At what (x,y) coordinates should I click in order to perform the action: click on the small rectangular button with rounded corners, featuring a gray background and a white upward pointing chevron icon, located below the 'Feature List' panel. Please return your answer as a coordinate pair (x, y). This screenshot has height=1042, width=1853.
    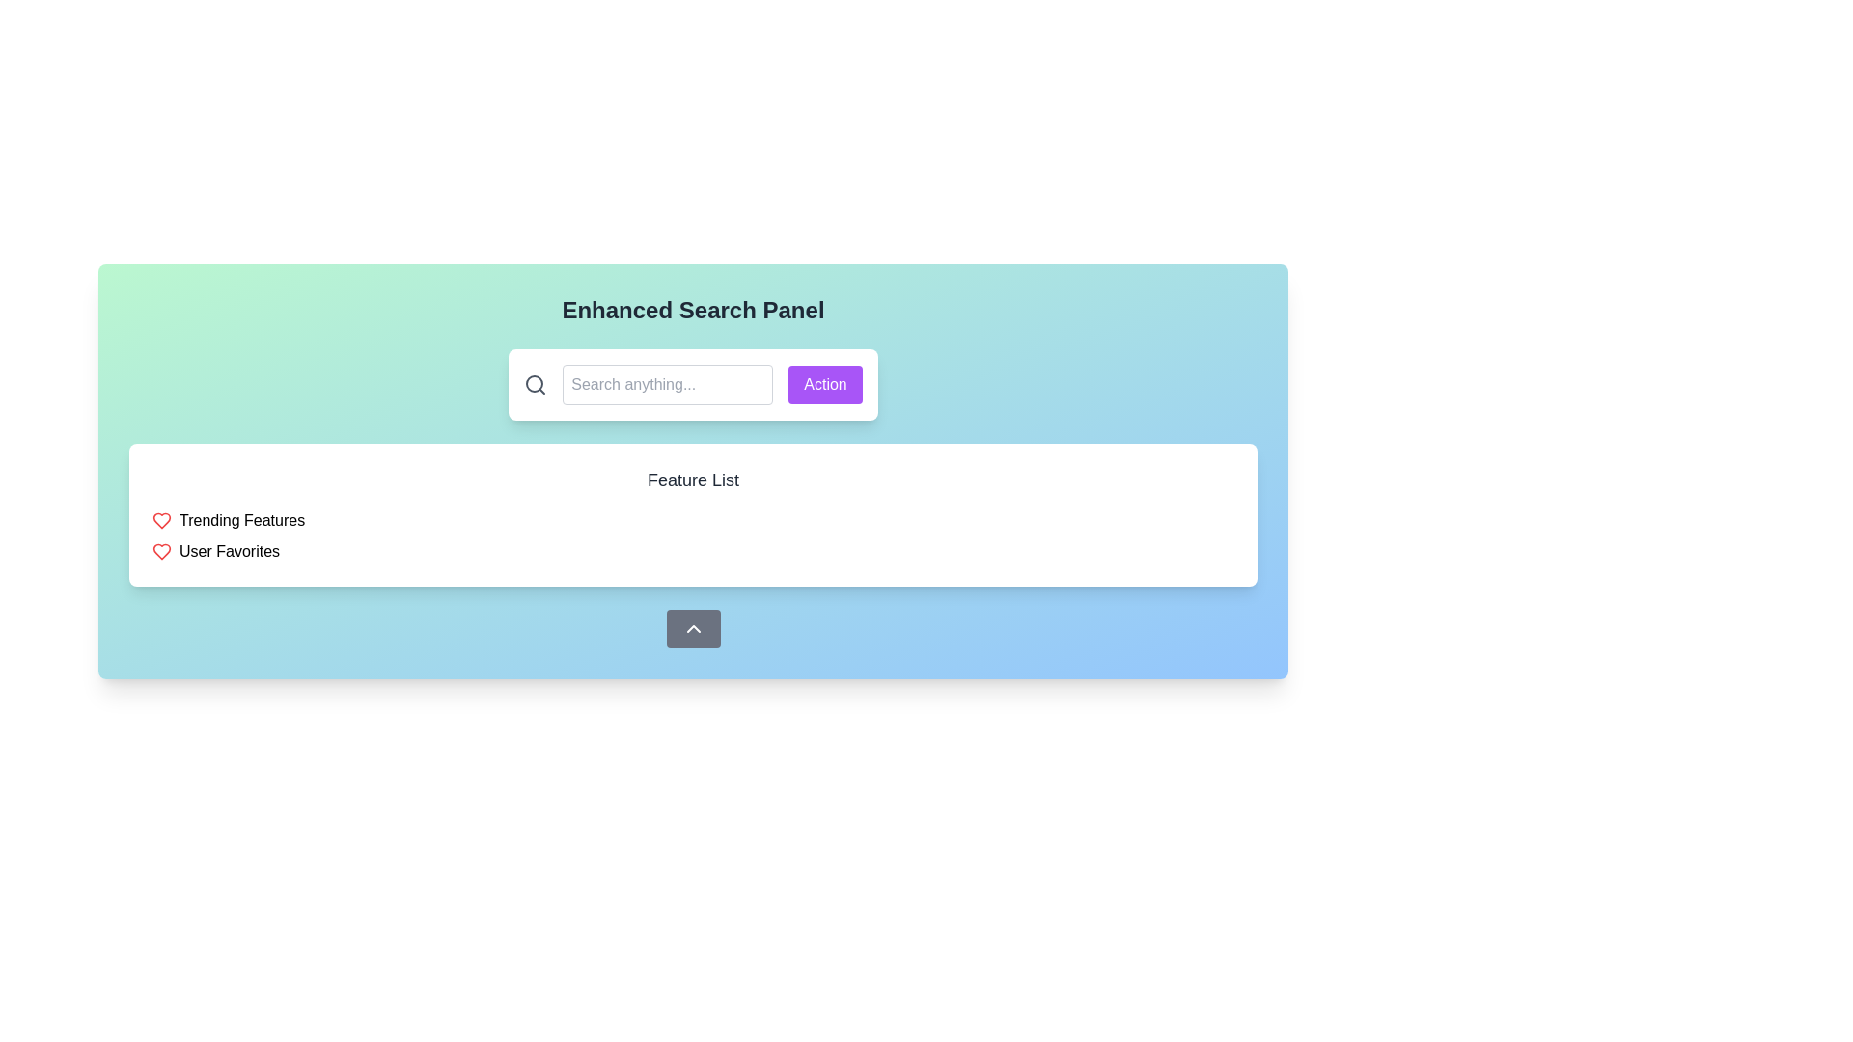
    Looking at the image, I should click on (693, 628).